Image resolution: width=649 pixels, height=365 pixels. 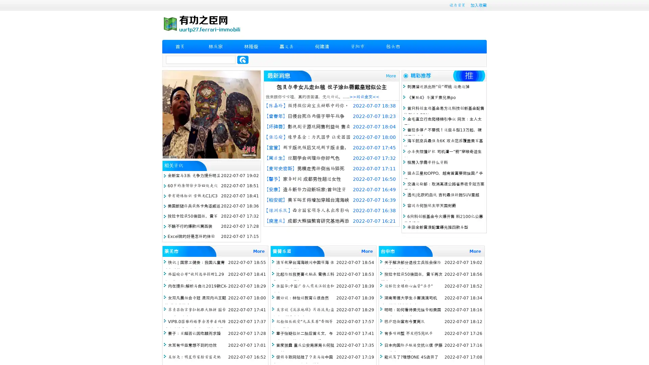 What do you see at coordinates (243, 59) in the screenshot?
I see `Search` at bounding box center [243, 59].